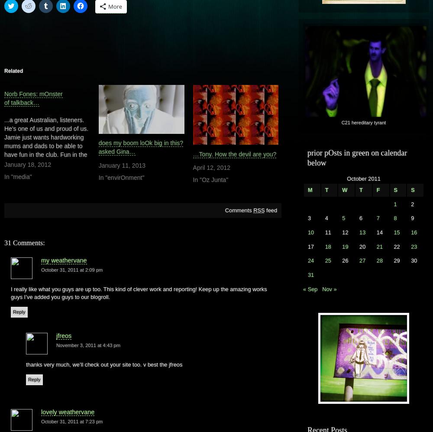 Image resolution: width=433 pixels, height=432 pixels. Describe the element at coordinates (64, 259) in the screenshot. I see `'my weathervane'` at that location.